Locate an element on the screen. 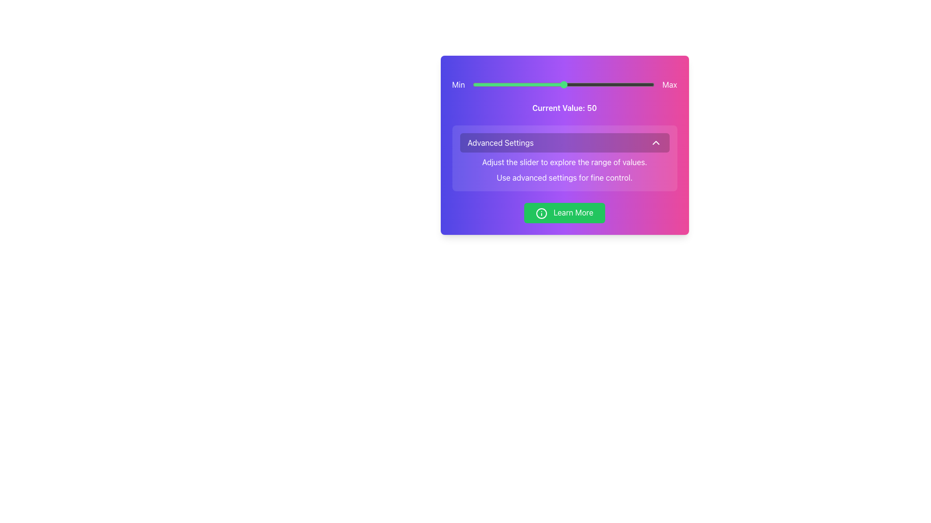 The width and height of the screenshot is (931, 523). the informational panel located below 'Current Value: 50' and above the 'Learn More' button is located at coordinates (564, 158).